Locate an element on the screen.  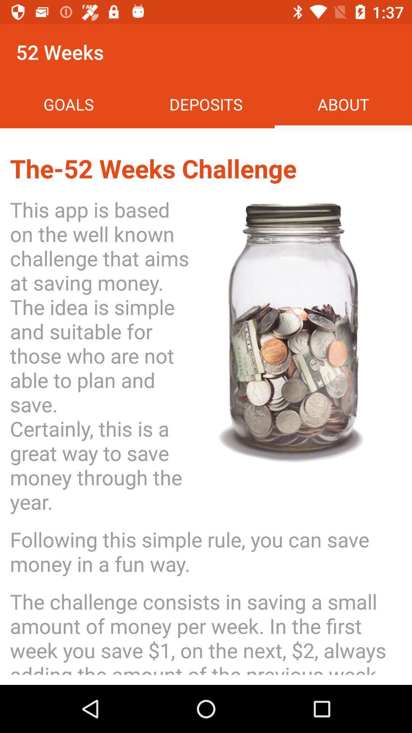
the item next to goals icon is located at coordinates (206, 104).